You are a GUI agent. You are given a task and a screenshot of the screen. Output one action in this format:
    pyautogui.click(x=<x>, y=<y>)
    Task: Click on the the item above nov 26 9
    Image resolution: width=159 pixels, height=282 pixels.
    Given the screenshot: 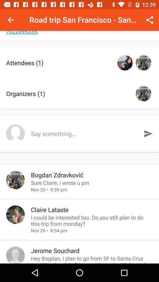 What is the action you would take?
    pyautogui.click(x=92, y=182)
    